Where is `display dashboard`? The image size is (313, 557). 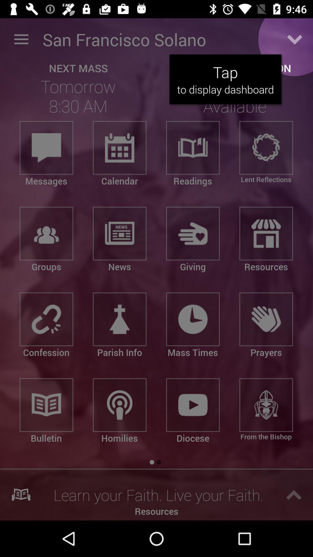 display dashboard is located at coordinates (295, 39).